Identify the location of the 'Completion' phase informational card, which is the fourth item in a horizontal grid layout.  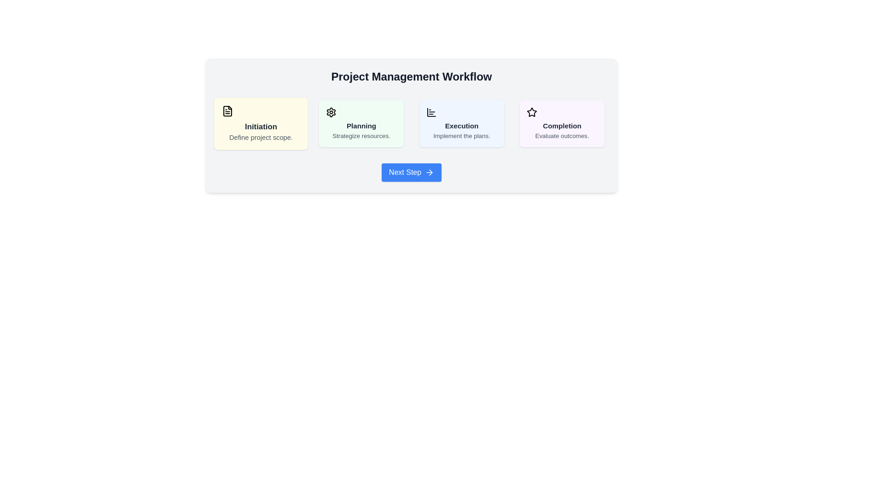
(561, 123).